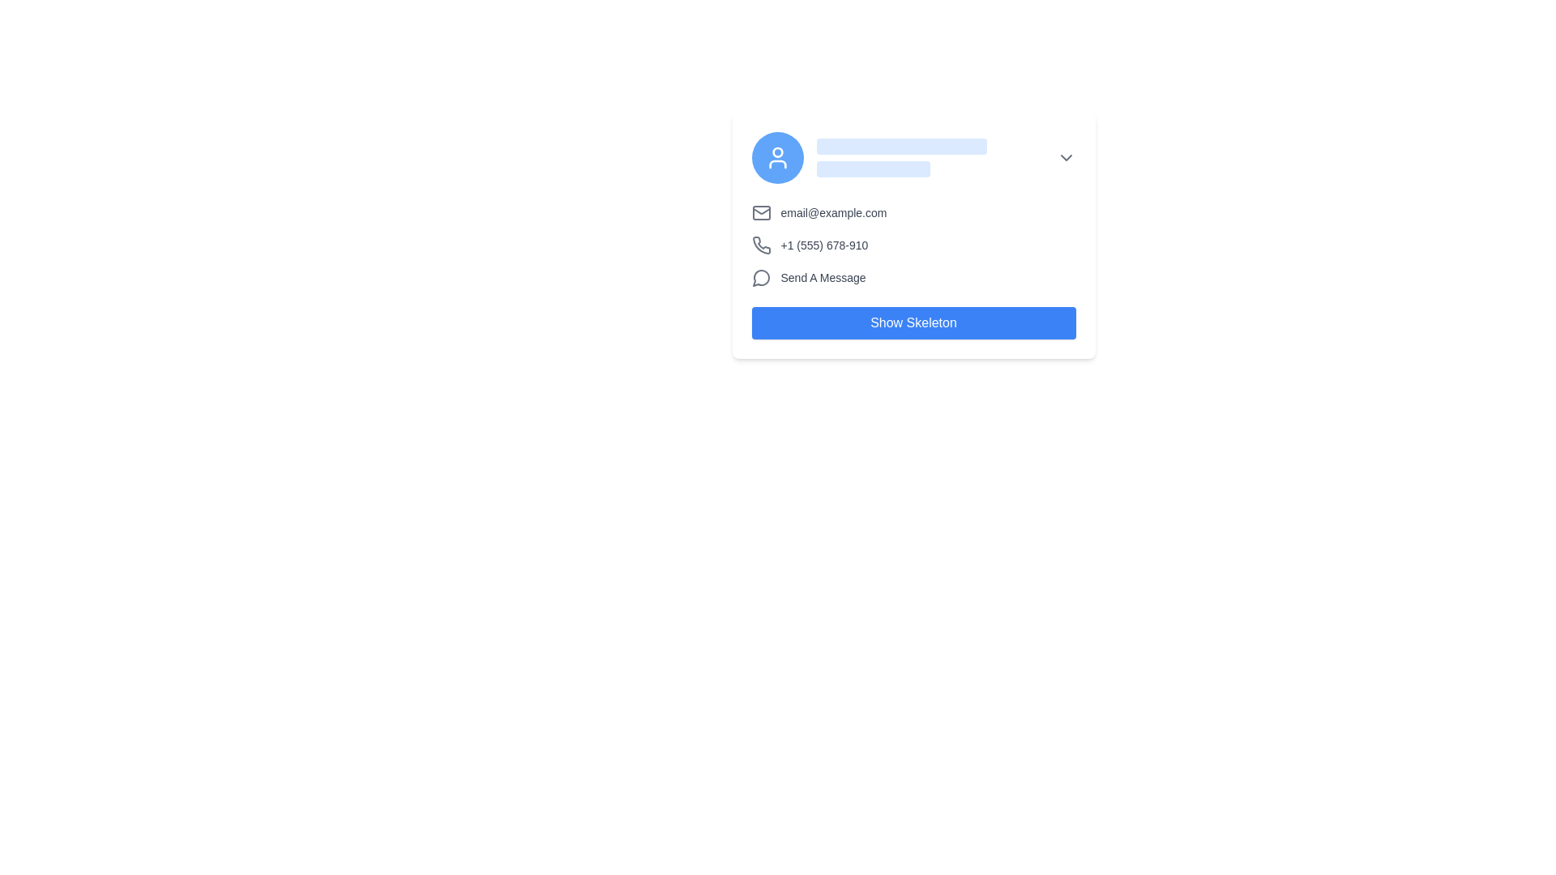 This screenshot has width=1556, height=875. I want to click on properties of the envelope icon component located to the left of the email address 'email@example.com', so click(760, 211).